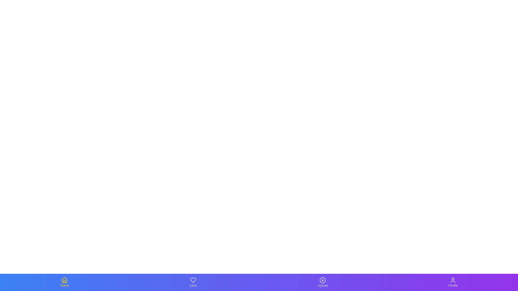 The width and height of the screenshot is (518, 291). What do you see at coordinates (322, 282) in the screenshot?
I see `the Upload tab by clicking on it` at bounding box center [322, 282].